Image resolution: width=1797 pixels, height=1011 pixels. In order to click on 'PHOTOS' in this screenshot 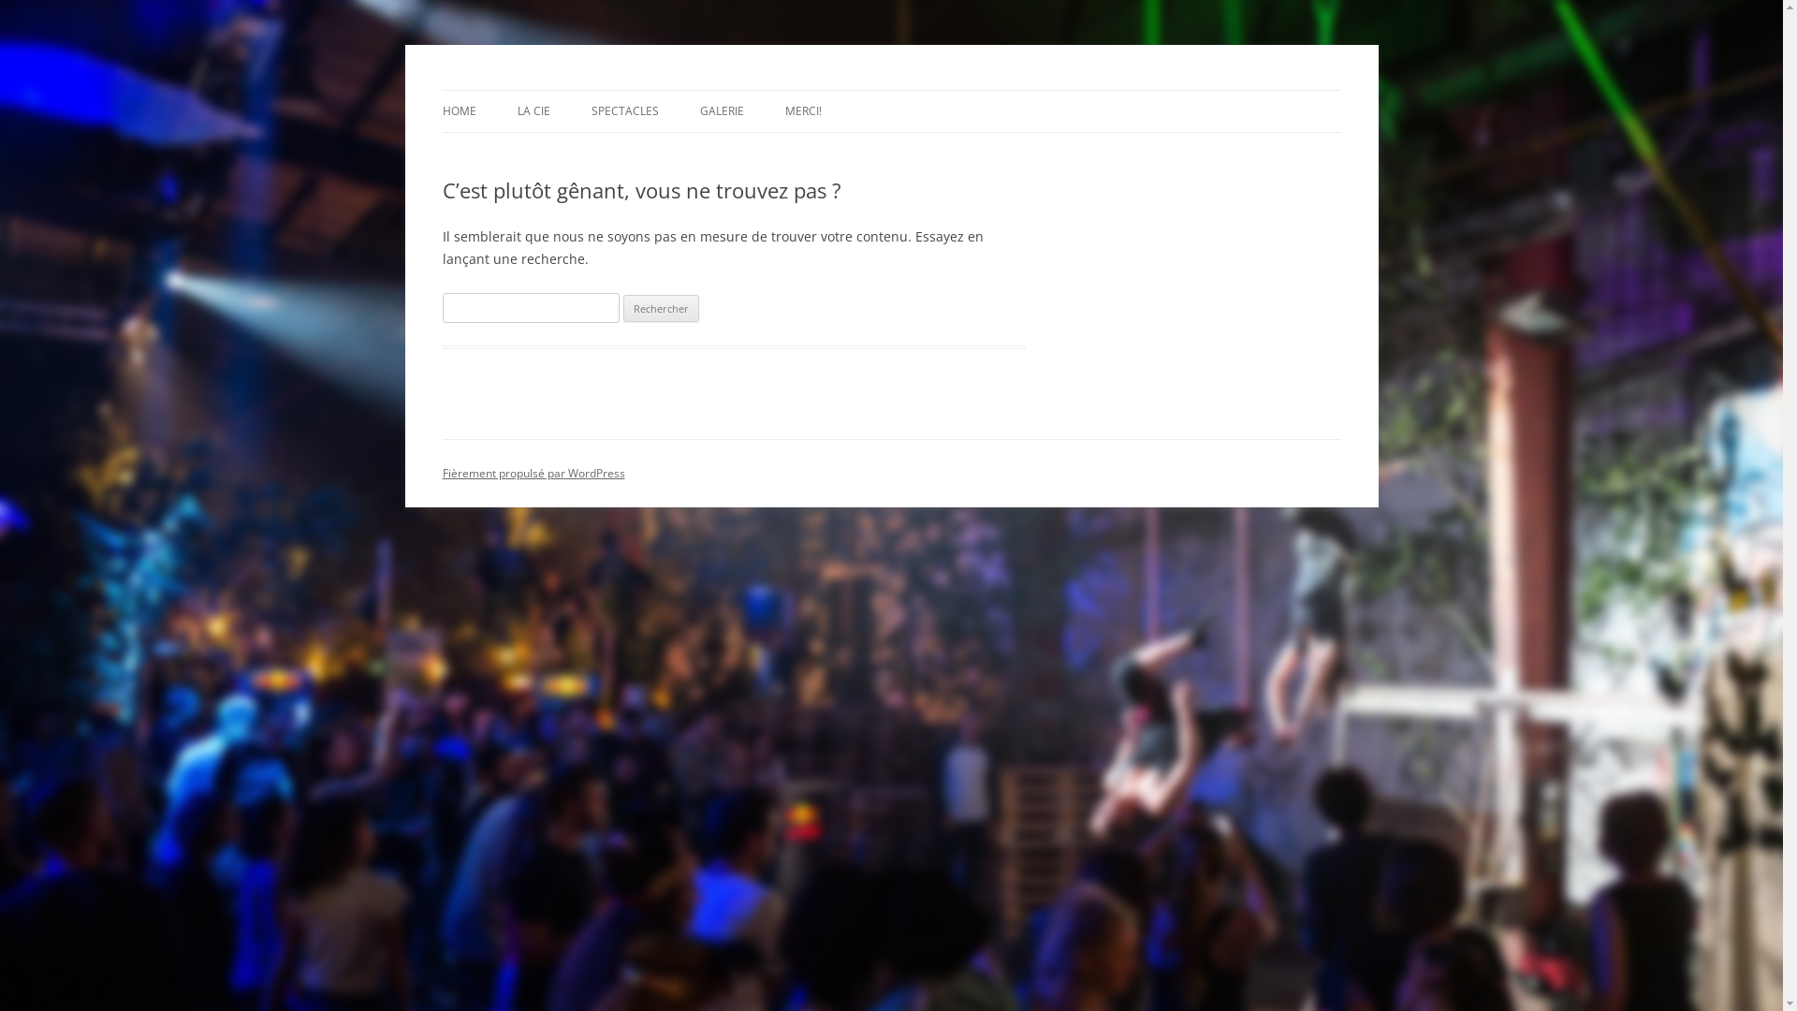, I will do `click(794, 150)`.